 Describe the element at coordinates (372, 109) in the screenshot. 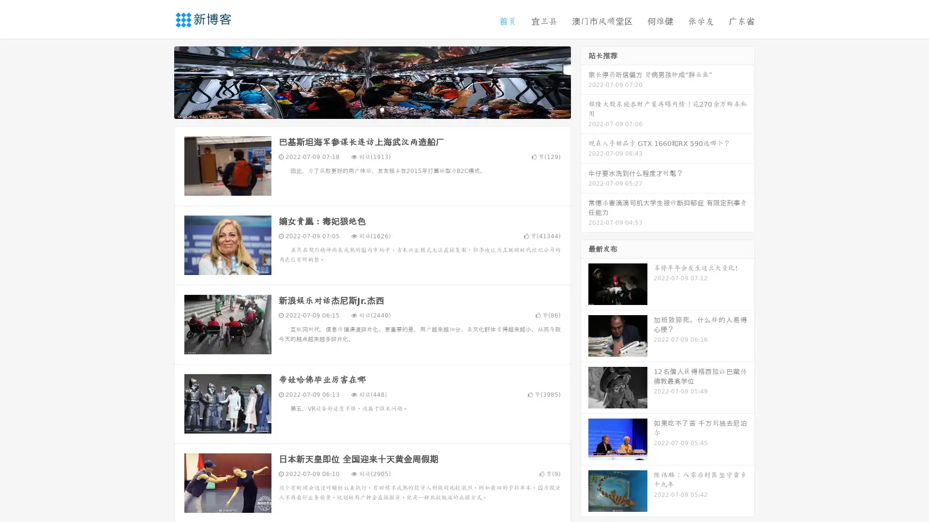

I see `Go to slide 2` at that location.